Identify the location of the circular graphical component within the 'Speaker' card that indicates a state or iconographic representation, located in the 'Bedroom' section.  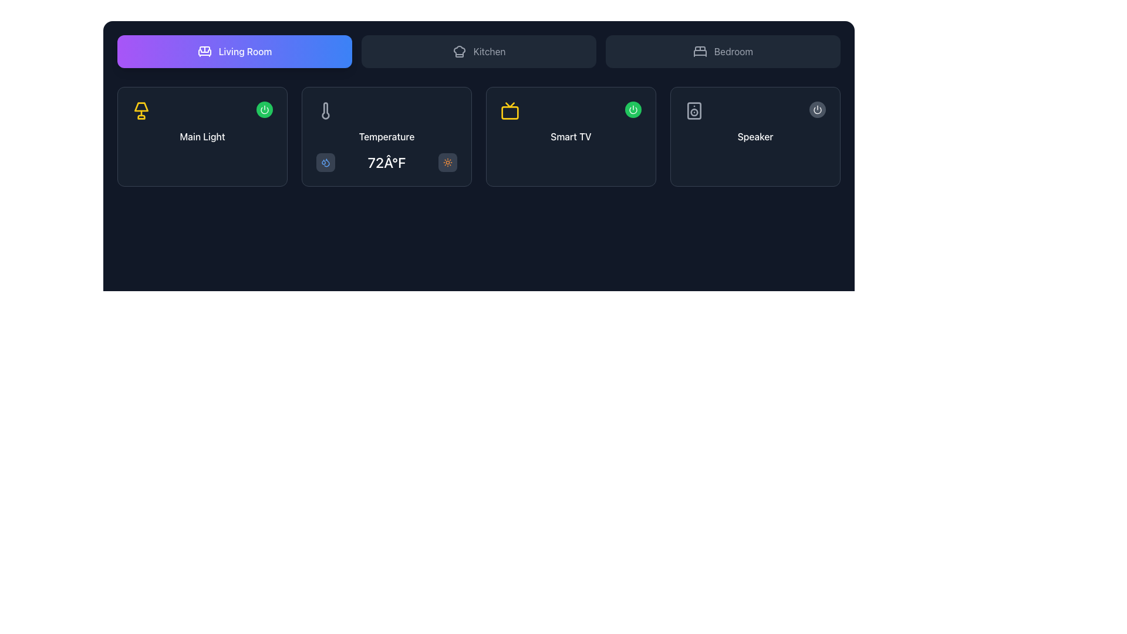
(816, 110).